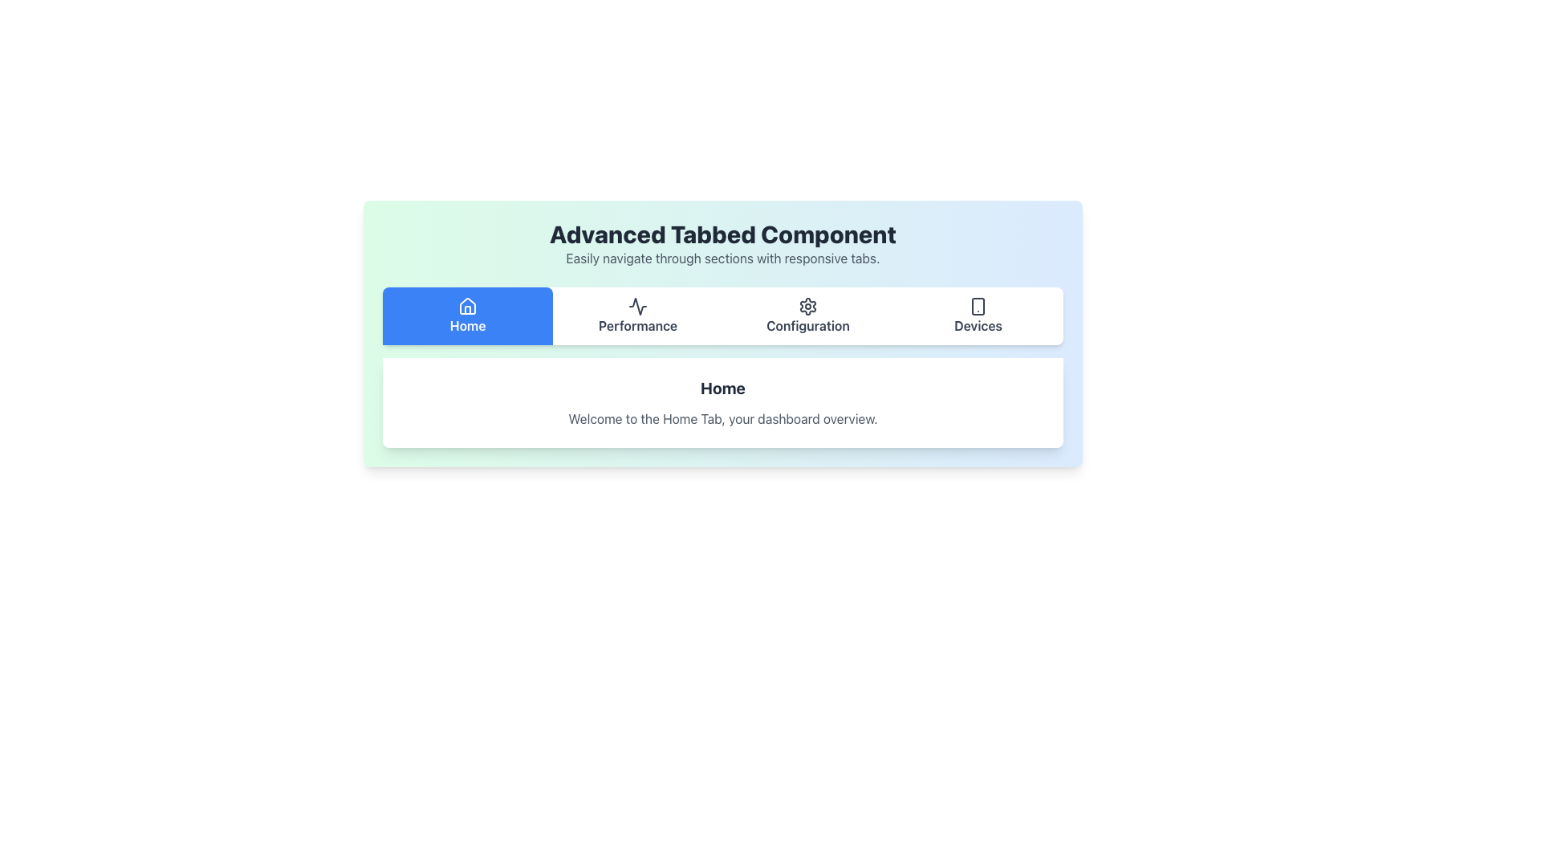 This screenshot has height=867, width=1541. Describe the element at coordinates (637, 306) in the screenshot. I see `the 'Performance' tab icon located in the top tab bar, positioned between the 'Home' tab and the 'Configuration' tab` at that location.